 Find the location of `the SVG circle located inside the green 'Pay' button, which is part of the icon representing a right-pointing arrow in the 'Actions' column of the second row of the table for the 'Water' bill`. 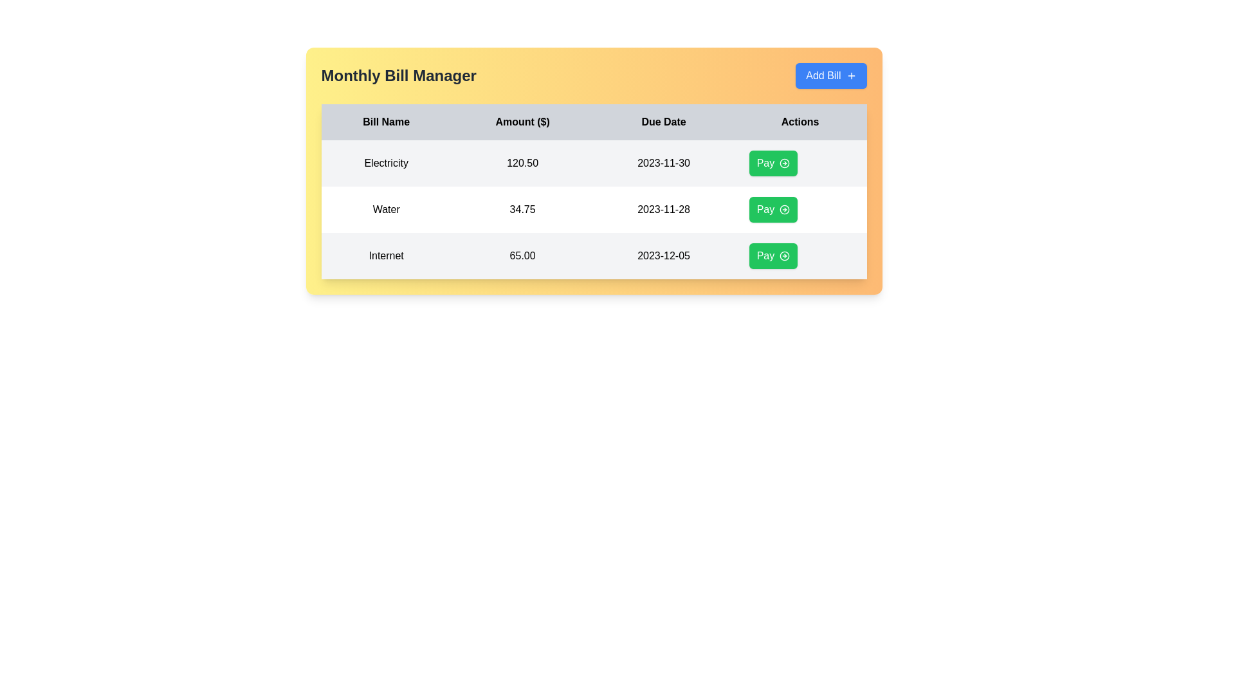

the SVG circle located inside the green 'Pay' button, which is part of the icon representing a right-pointing arrow in the 'Actions' column of the second row of the table for the 'Water' bill is located at coordinates (784, 209).